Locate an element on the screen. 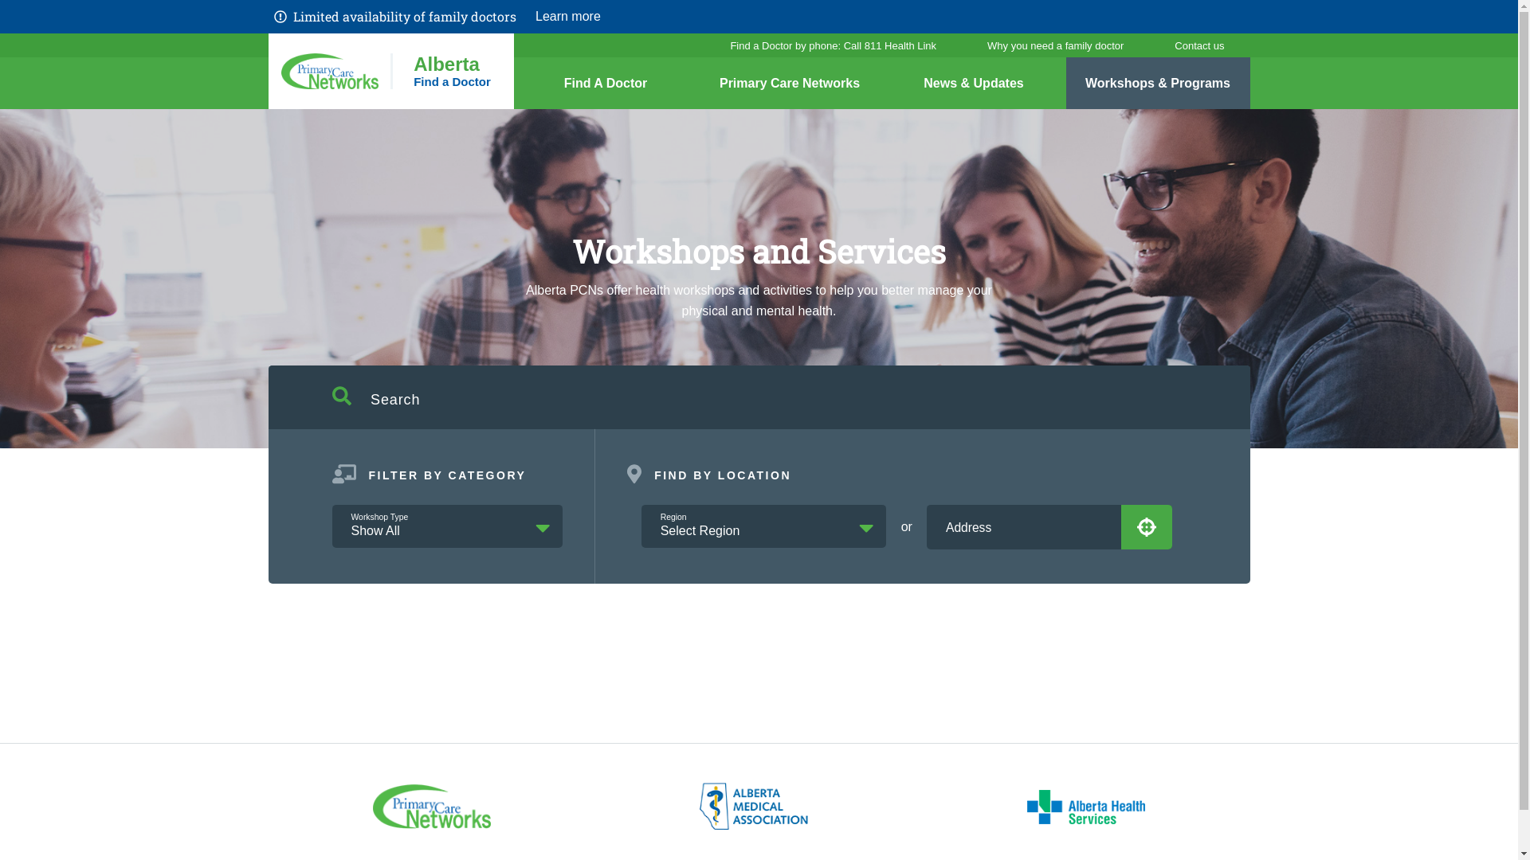 The height and width of the screenshot is (860, 1530). 'Contact us' is located at coordinates (1199, 45).